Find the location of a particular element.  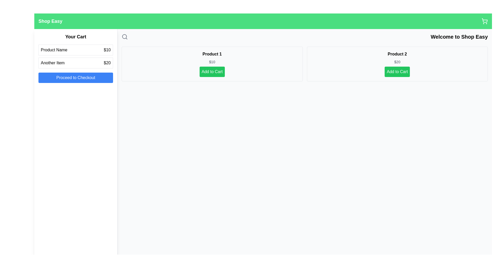

text label that says 'Another Item' located in the 'Your Cart' section on the left panel, which is the second item listed below 'Product Name' is located at coordinates (52, 63).